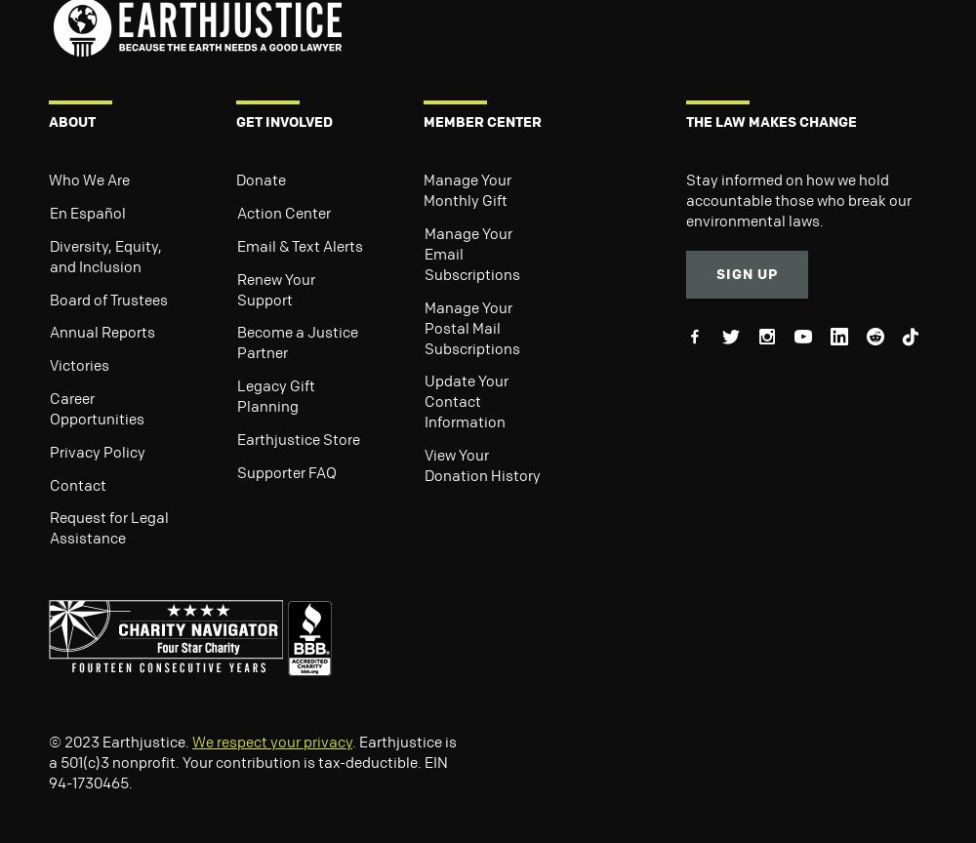 The height and width of the screenshot is (843, 976). Describe the element at coordinates (236, 394) in the screenshot. I see `'Legacy Gift Planning'` at that location.